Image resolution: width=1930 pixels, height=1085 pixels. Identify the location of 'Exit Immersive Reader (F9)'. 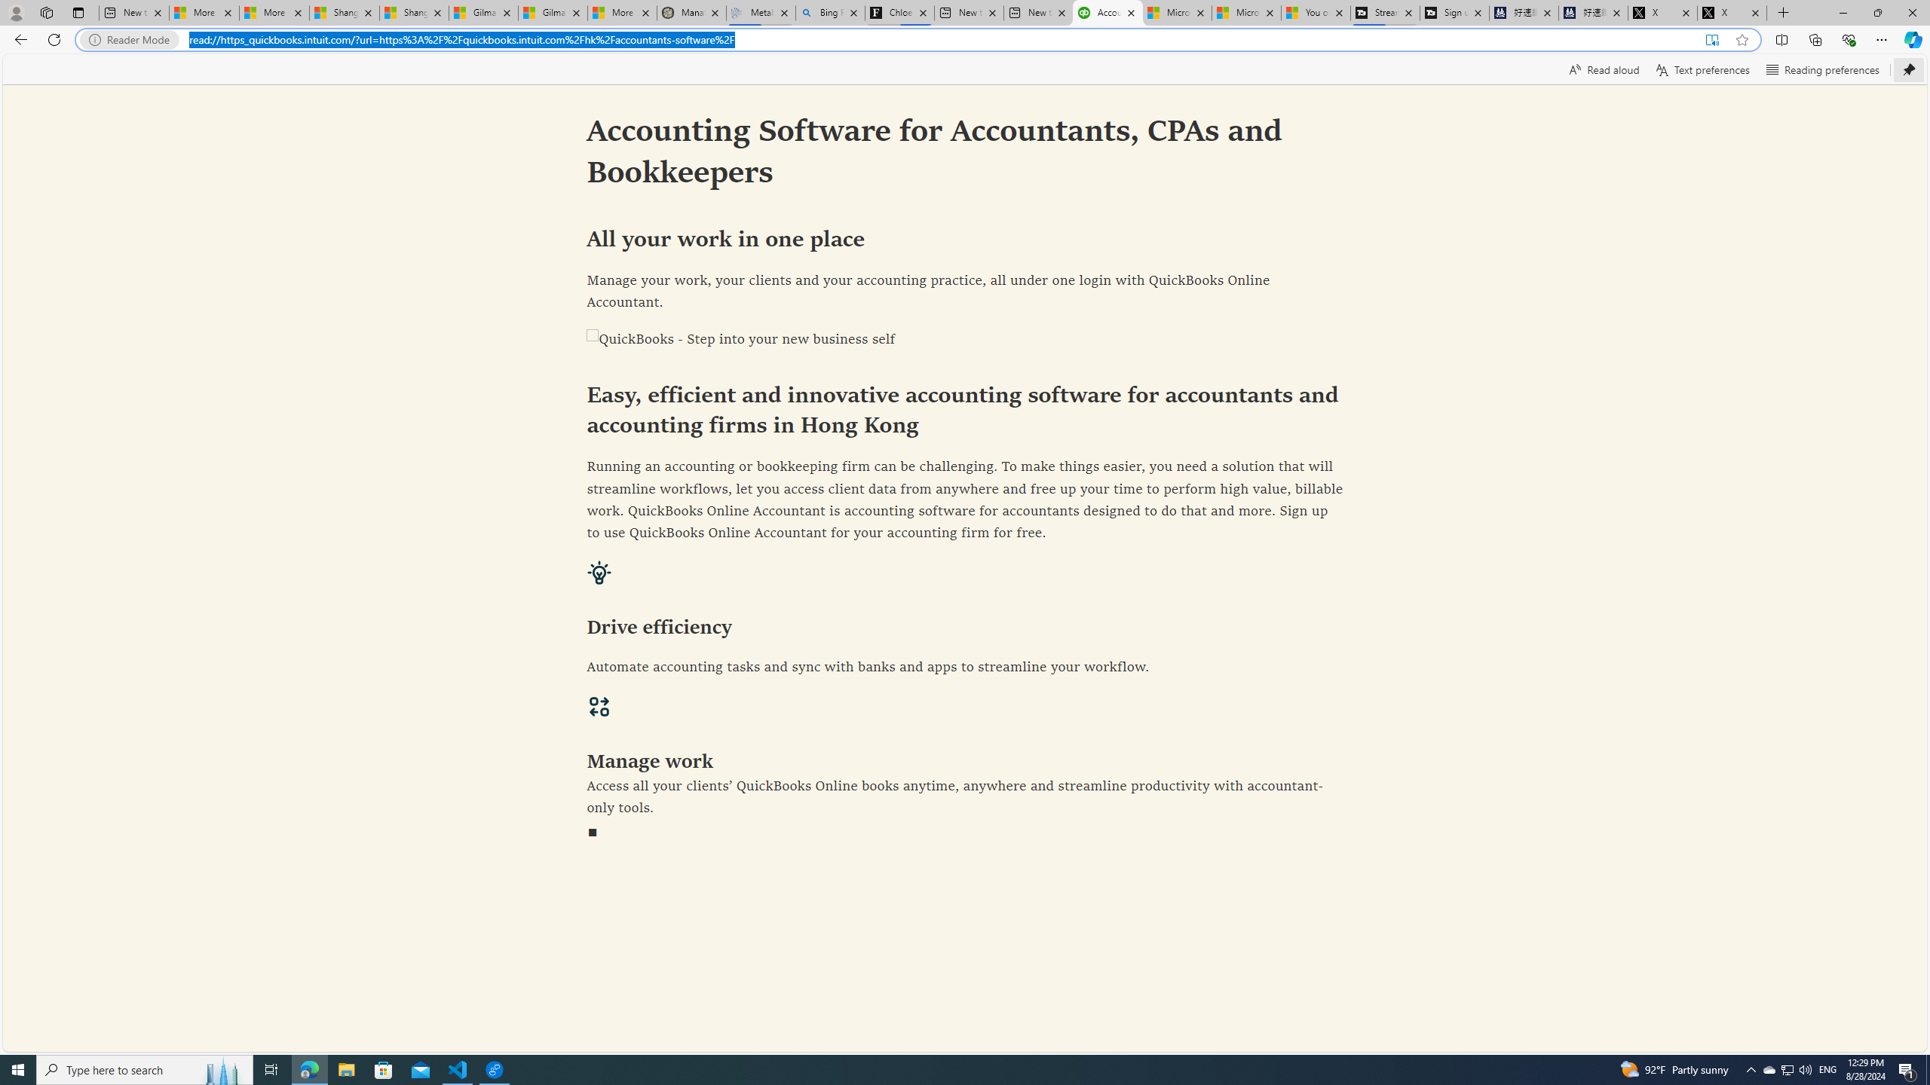
(1711, 40).